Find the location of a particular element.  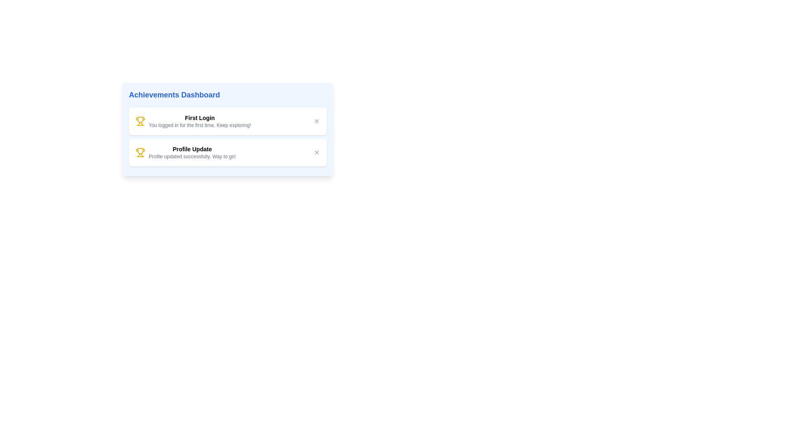

the close button (grey 'X' symbol) located at the top right corner of the 'Profile Update' notification is located at coordinates (316, 152).